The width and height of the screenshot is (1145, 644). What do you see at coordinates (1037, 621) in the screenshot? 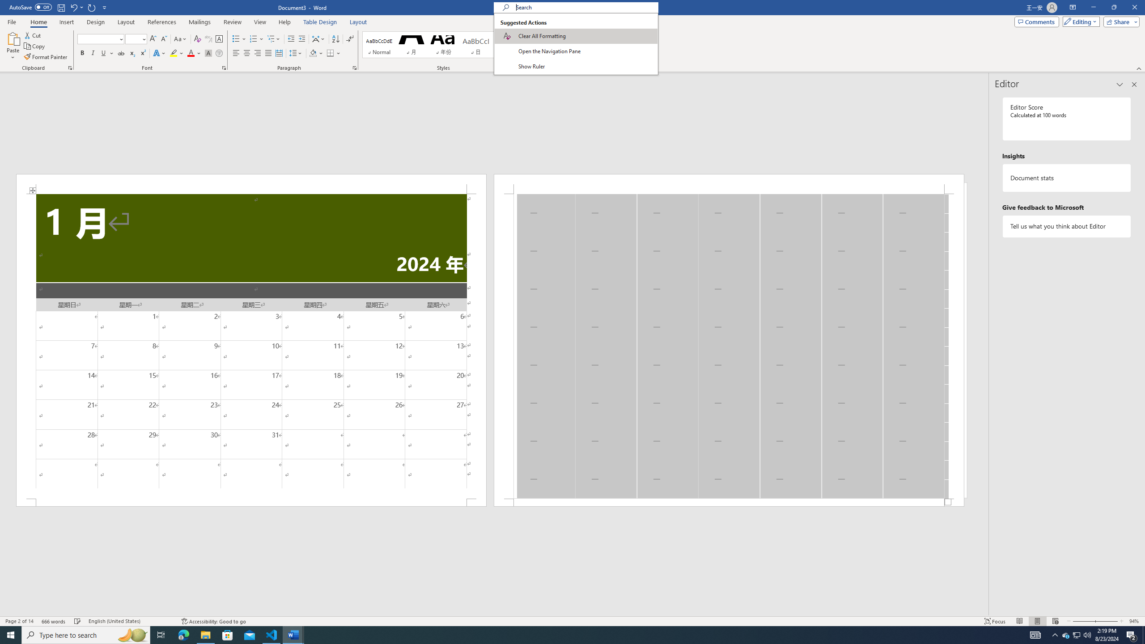
I see `'Print Layout'` at bounding box center [1037, 621].